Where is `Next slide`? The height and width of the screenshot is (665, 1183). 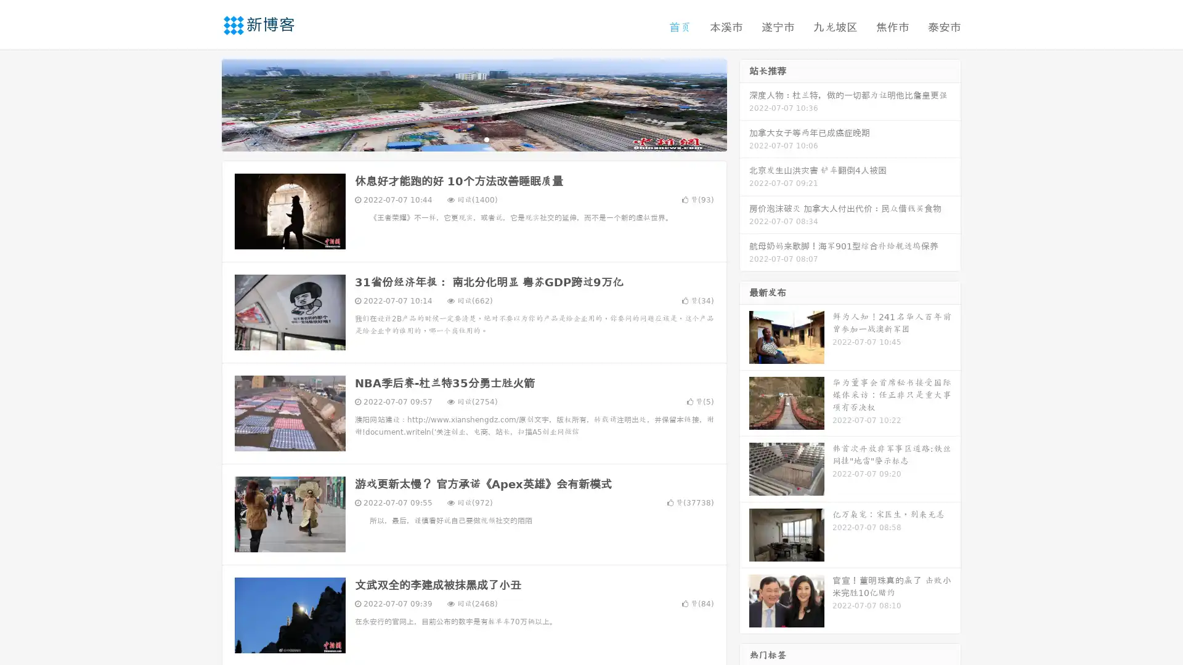
Next slide is located at coordinates (744, 103).